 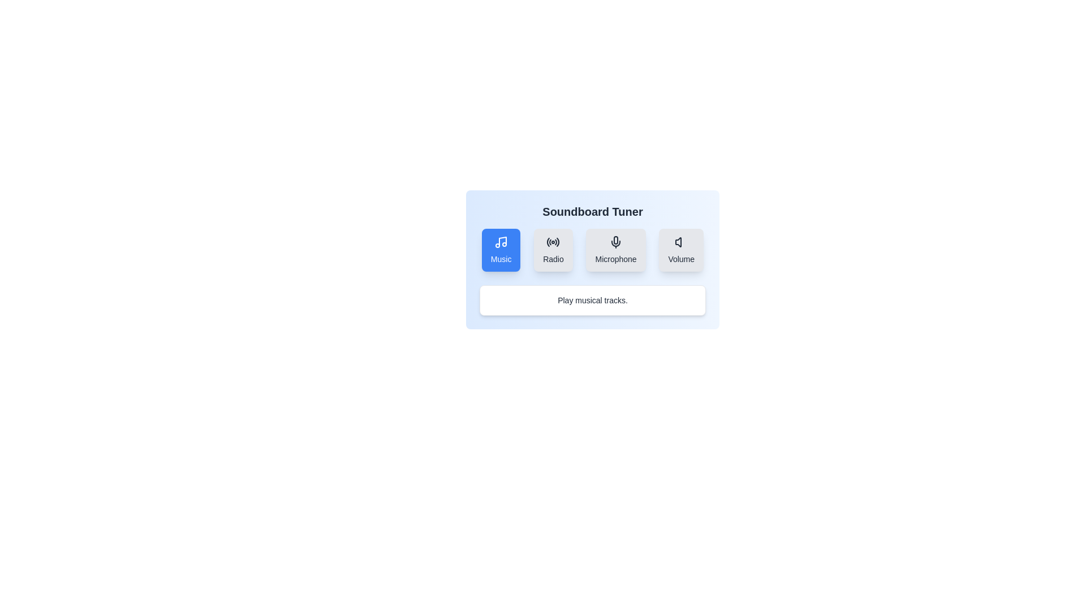 What do you see at coordinates (615, 250) in the screenshot?
I see `the Microphone option in the Soundboard Tuner menu` at bounding box center [615, 250].